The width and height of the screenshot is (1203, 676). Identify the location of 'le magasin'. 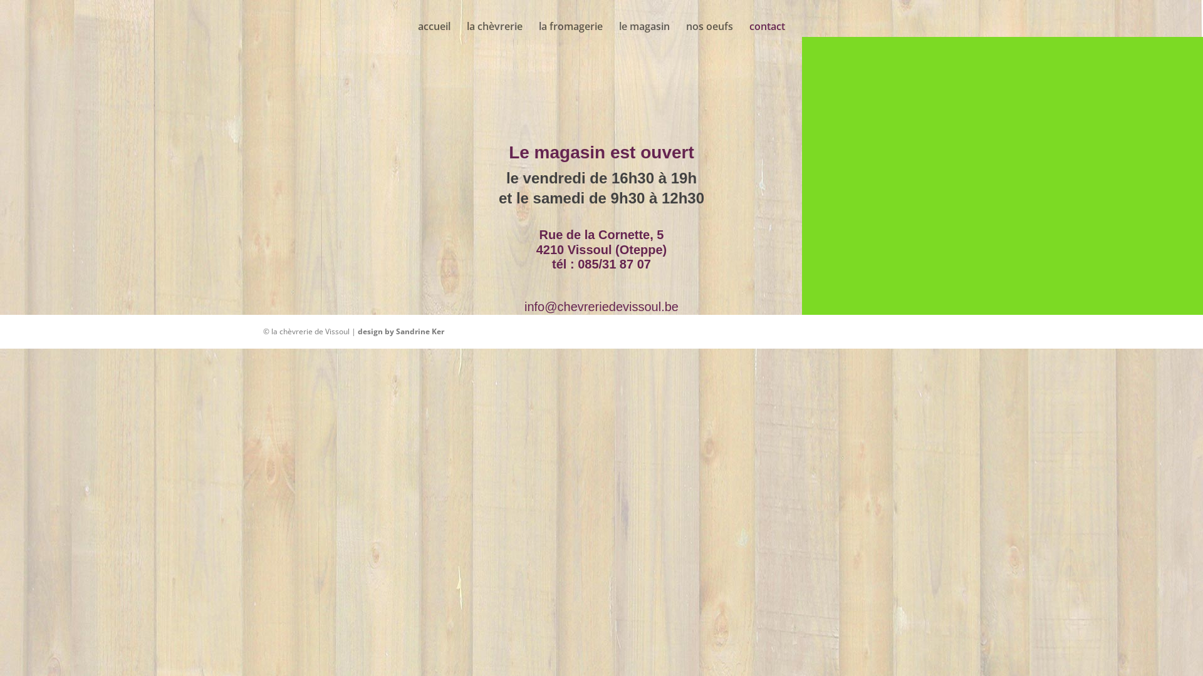
(644, 29).